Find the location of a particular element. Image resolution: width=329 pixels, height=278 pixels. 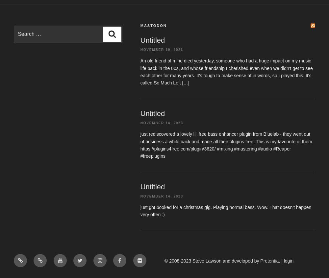

'Pretentia' is located at coordinates (269, 261).